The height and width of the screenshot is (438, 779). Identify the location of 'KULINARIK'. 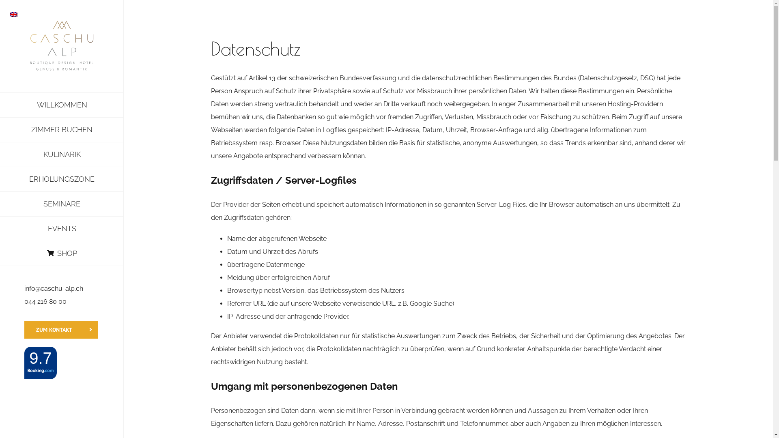
(61, 155).